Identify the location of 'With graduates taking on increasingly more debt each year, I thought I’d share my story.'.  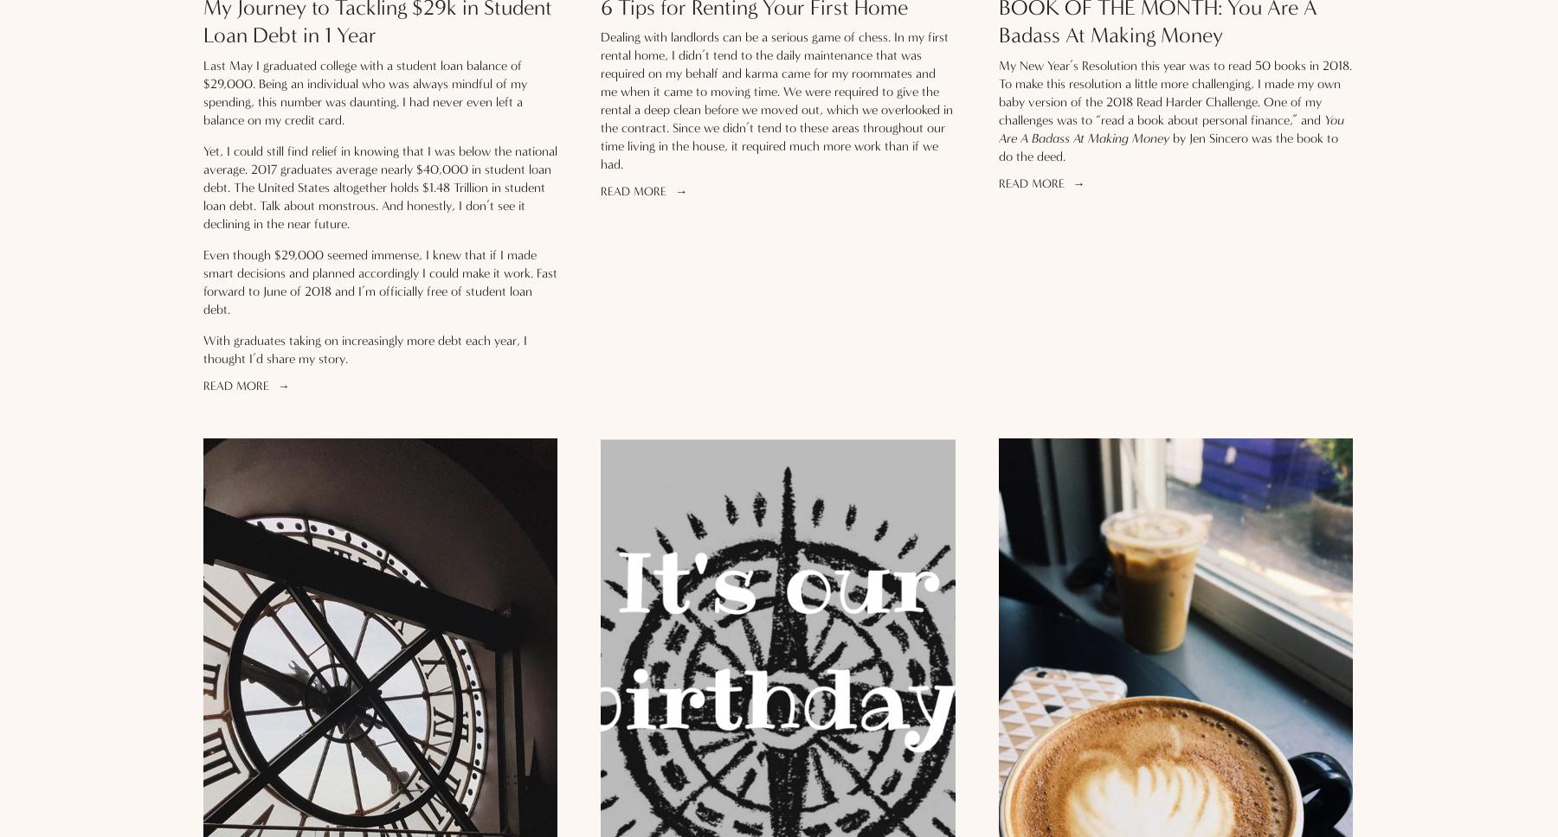
(367, 348).